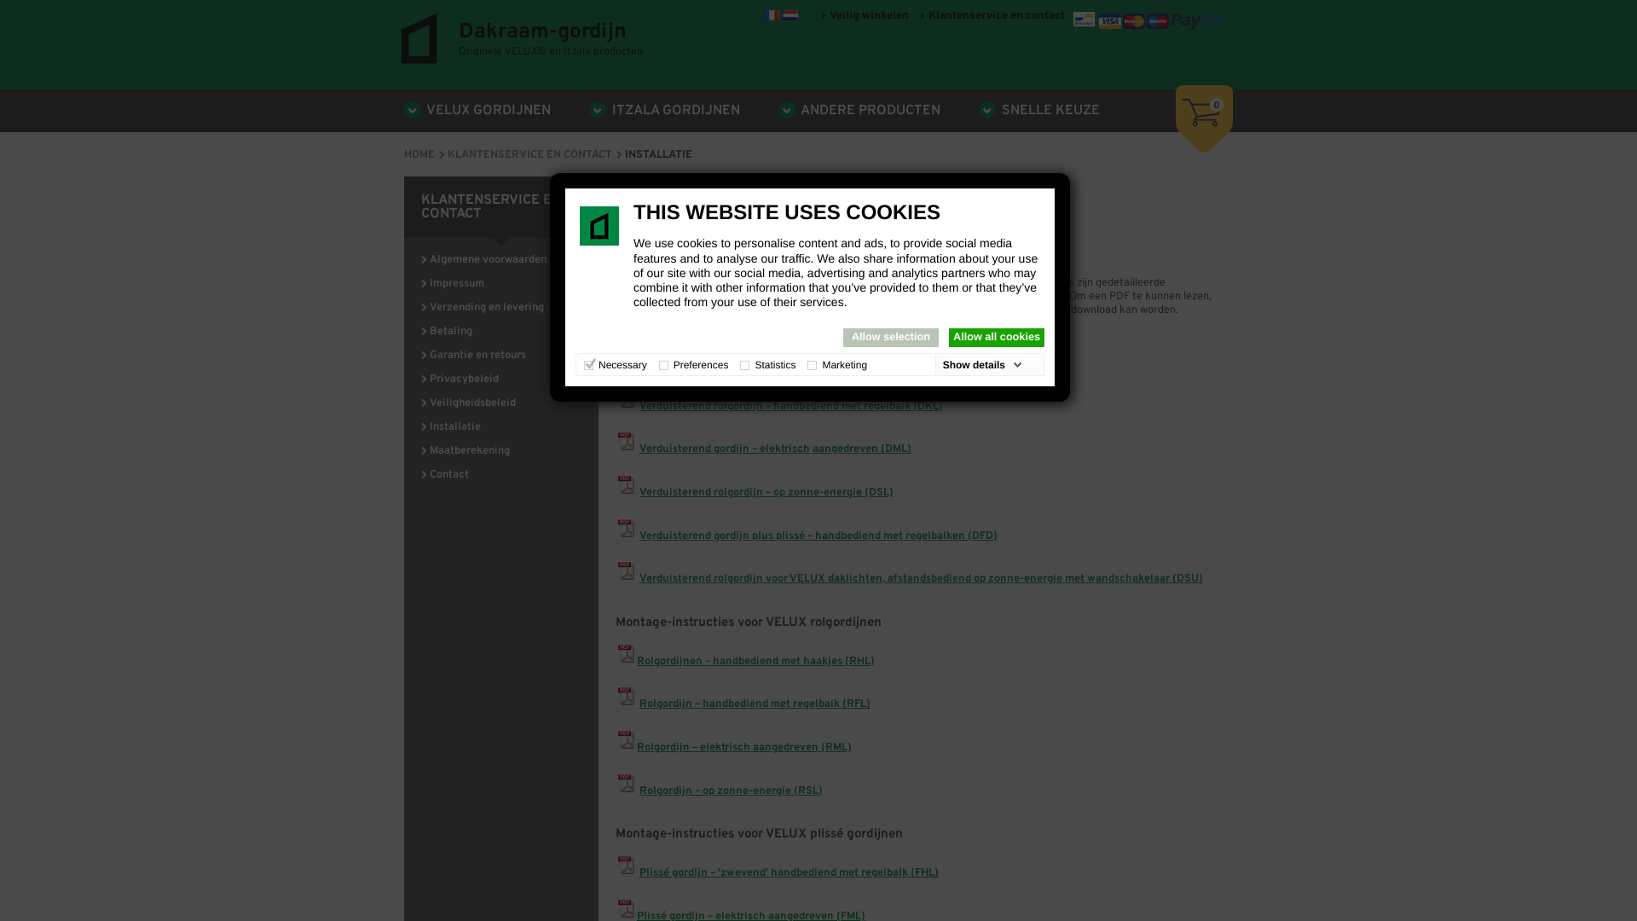 This screenshot has height=921, width=1637. What do you see at coordinates (450, 332) in the screenshot?
I see `'Betaling'` at bounding box center [450, 332].